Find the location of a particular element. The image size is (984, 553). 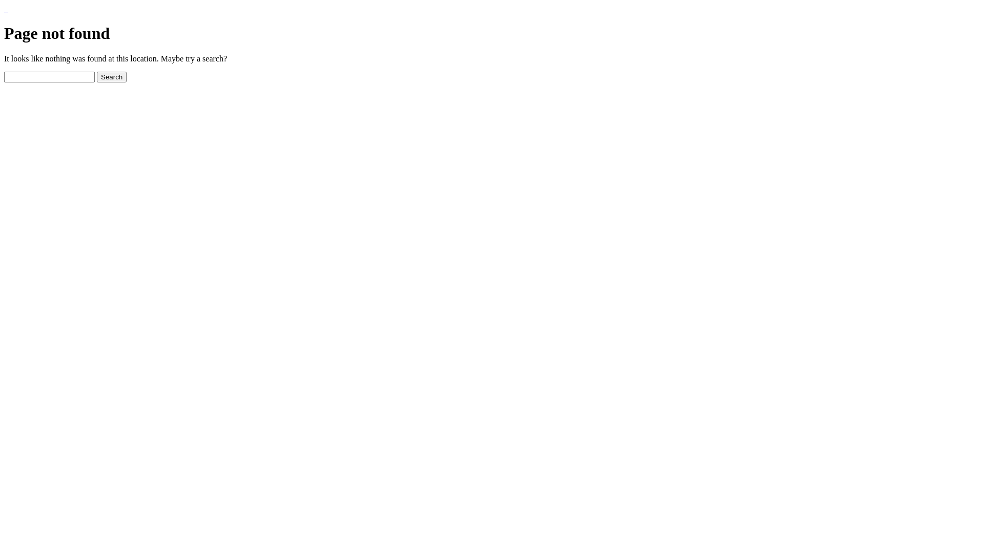

'Search' is located at coordinates (111, 76).